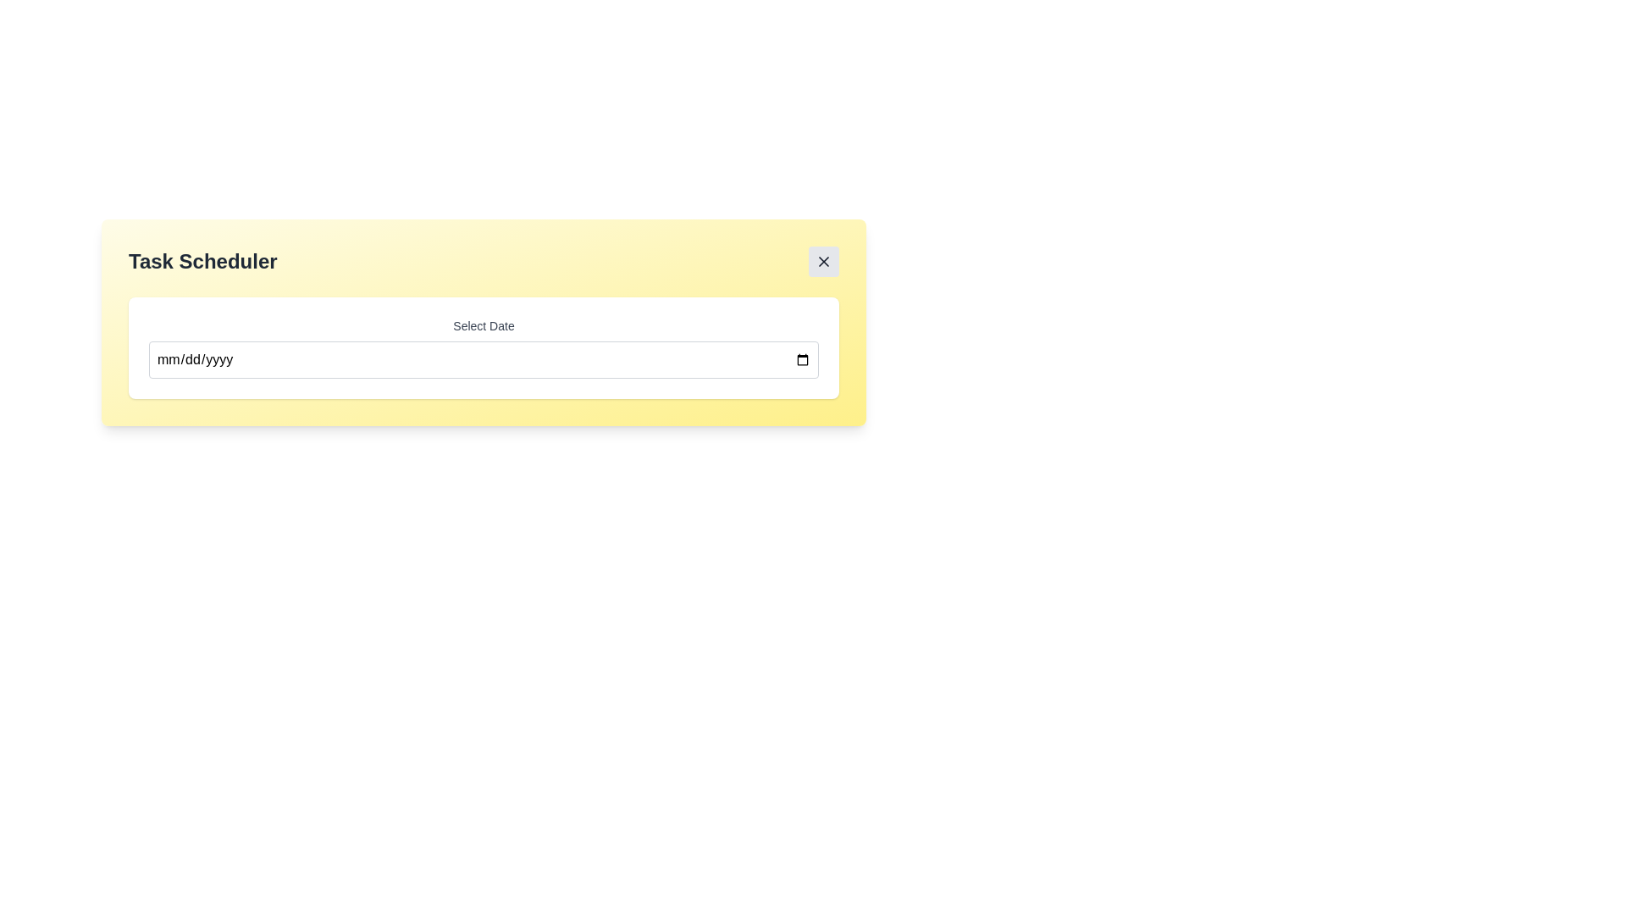 This screenshot has height=915, width=1626. Describe the element at coordinates (824, 261) in the screenshot. I see `the 'X' icon button located in the top-right corner of the yellow 'Task Scheduler' card to trigger its hover effect` at that location.